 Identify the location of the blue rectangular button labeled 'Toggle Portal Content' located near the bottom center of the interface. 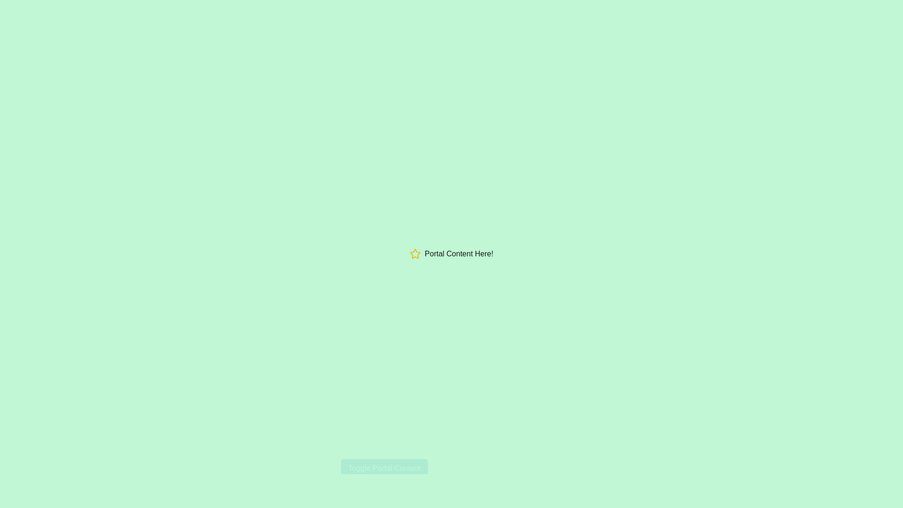
(384, 468).